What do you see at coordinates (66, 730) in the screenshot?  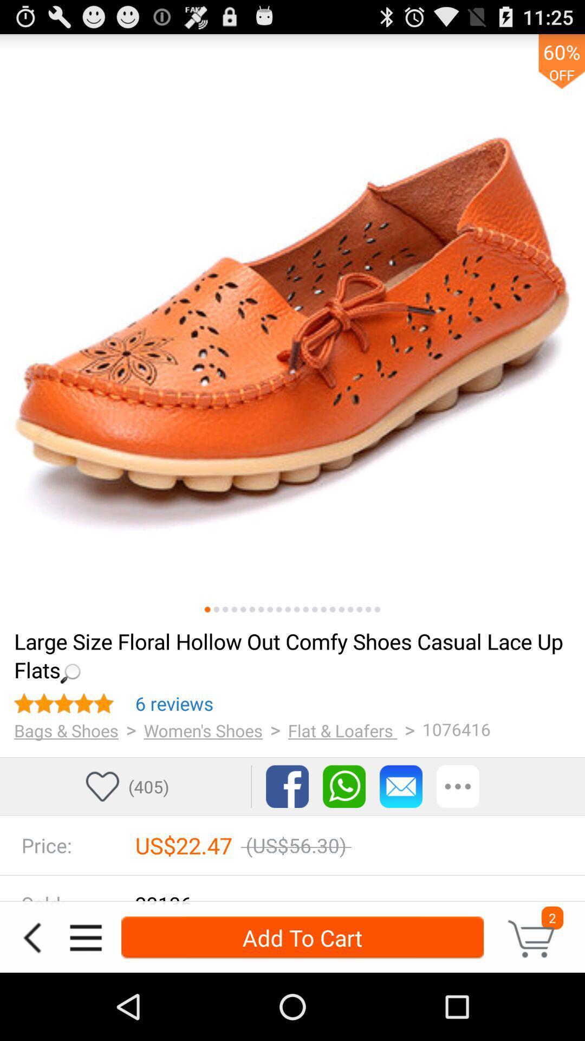 I see `the bags & shoes icon` at bounding box center [66, 730].